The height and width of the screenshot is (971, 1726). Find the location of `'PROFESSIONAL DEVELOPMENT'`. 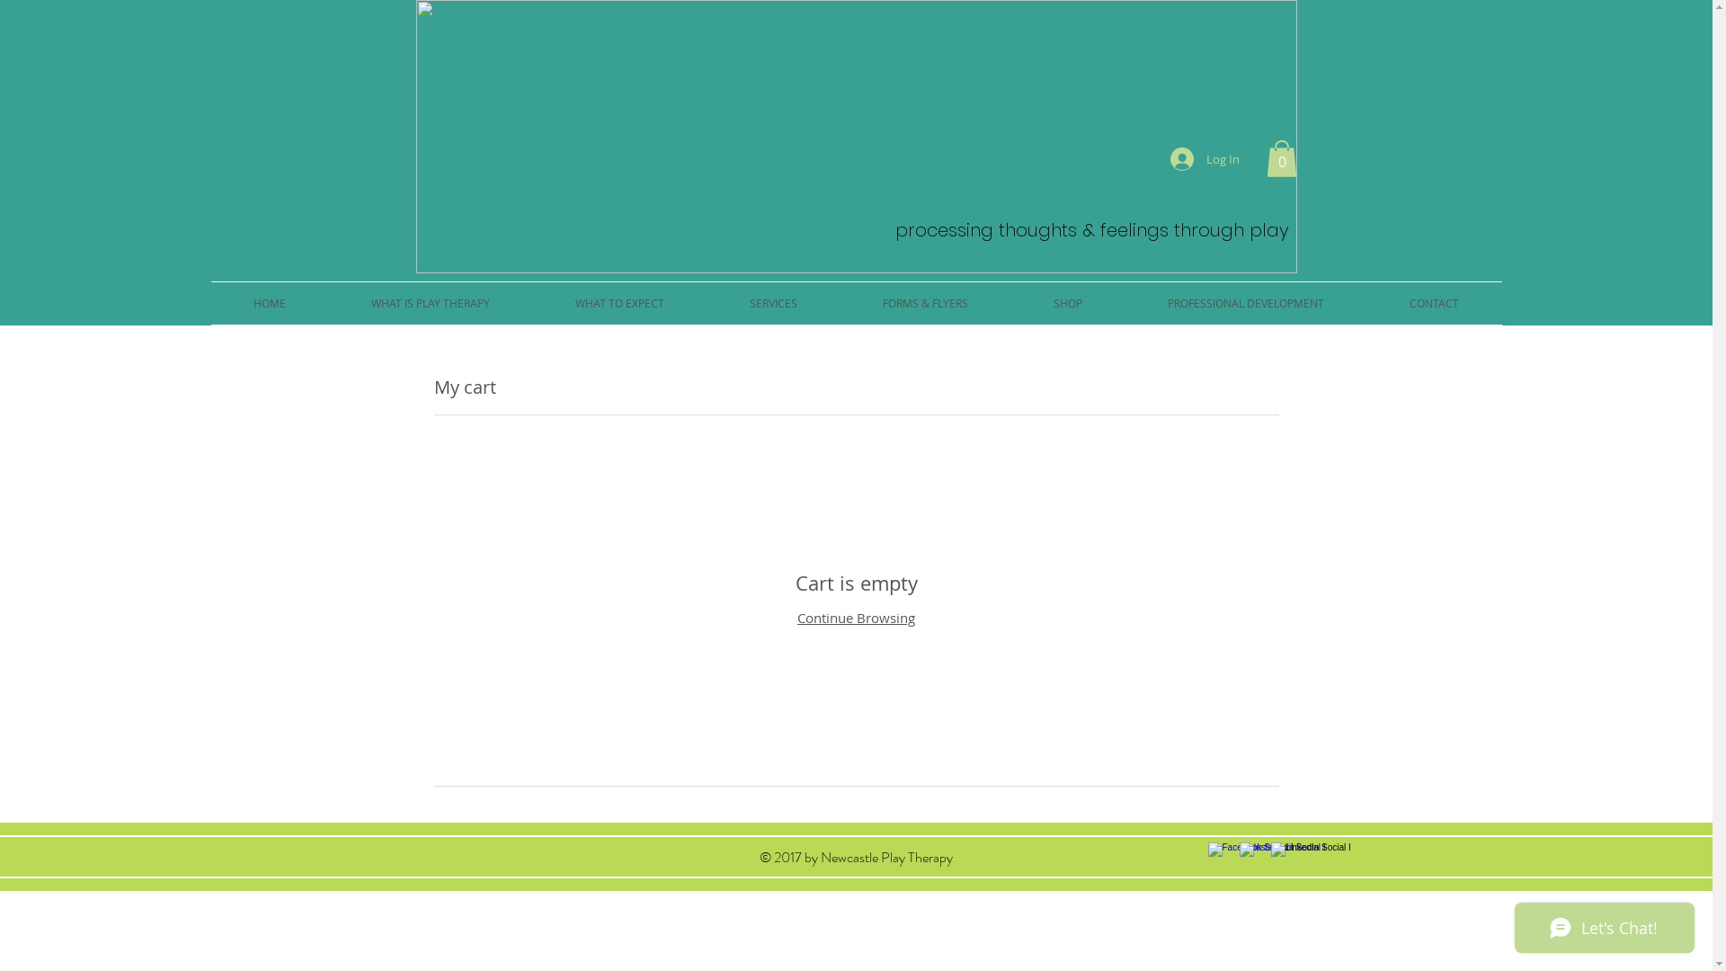

'PROFESSIONAL DEVELOPMENT' is located at coordinates (1245, 302).